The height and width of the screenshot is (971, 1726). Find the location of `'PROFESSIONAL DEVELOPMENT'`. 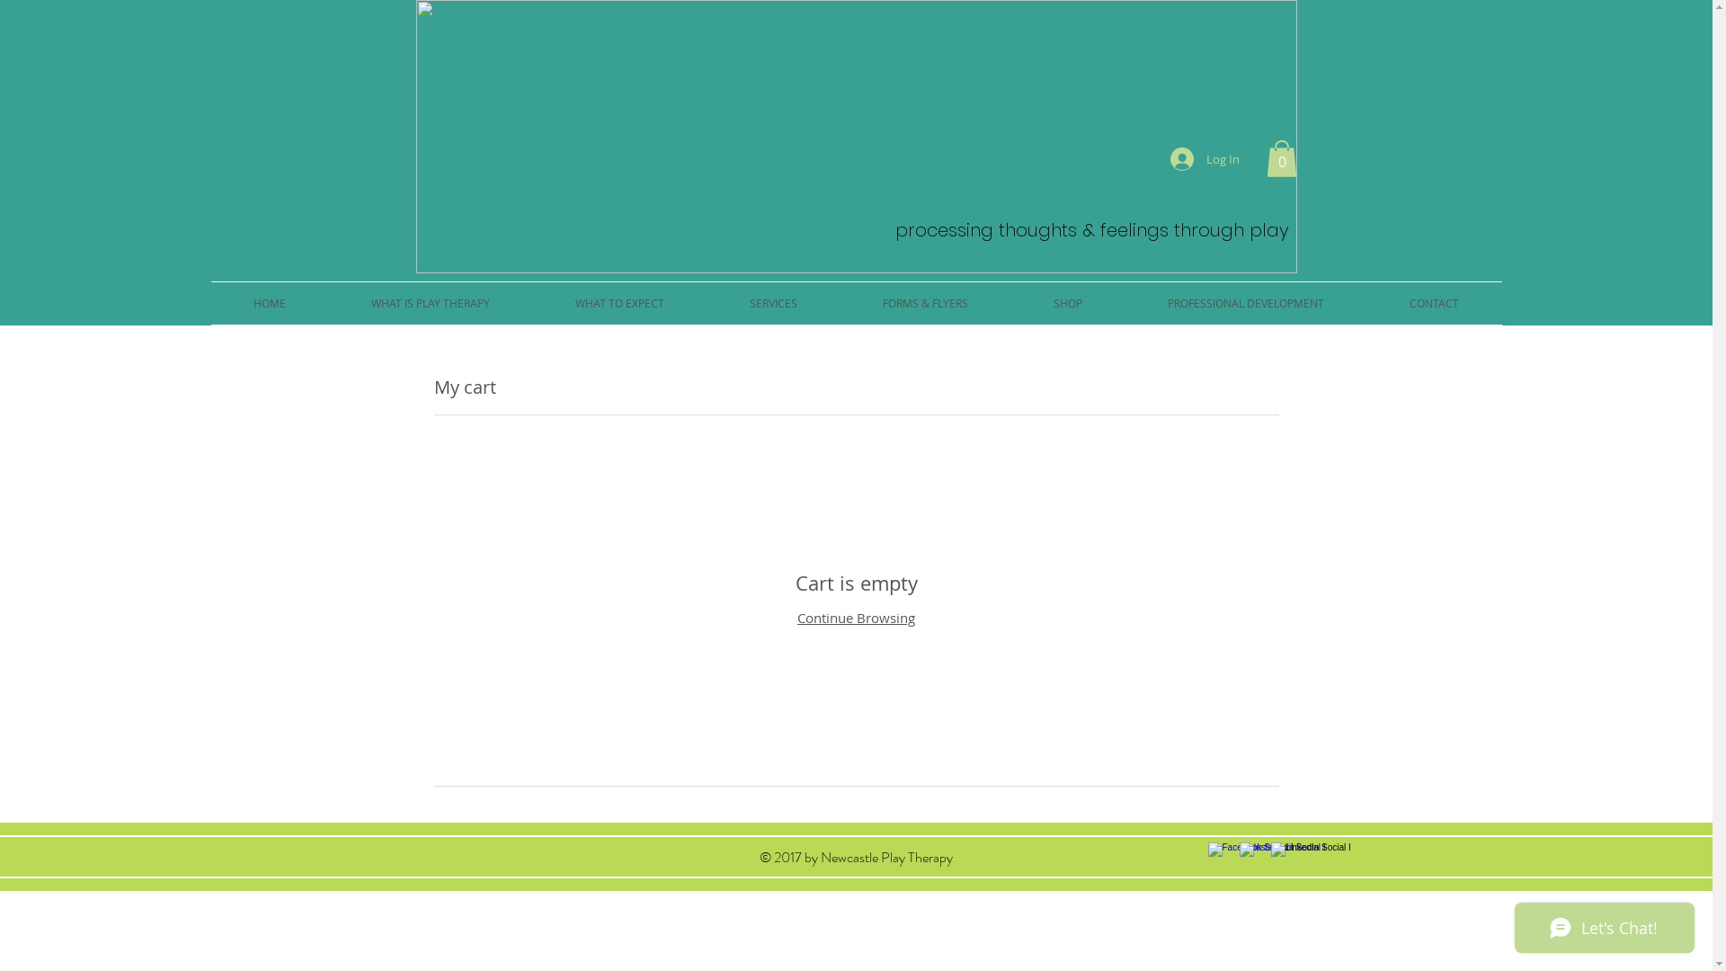

'PROFESSIONAL DEVELOPMENT' is located at coordinates (1245, 302).